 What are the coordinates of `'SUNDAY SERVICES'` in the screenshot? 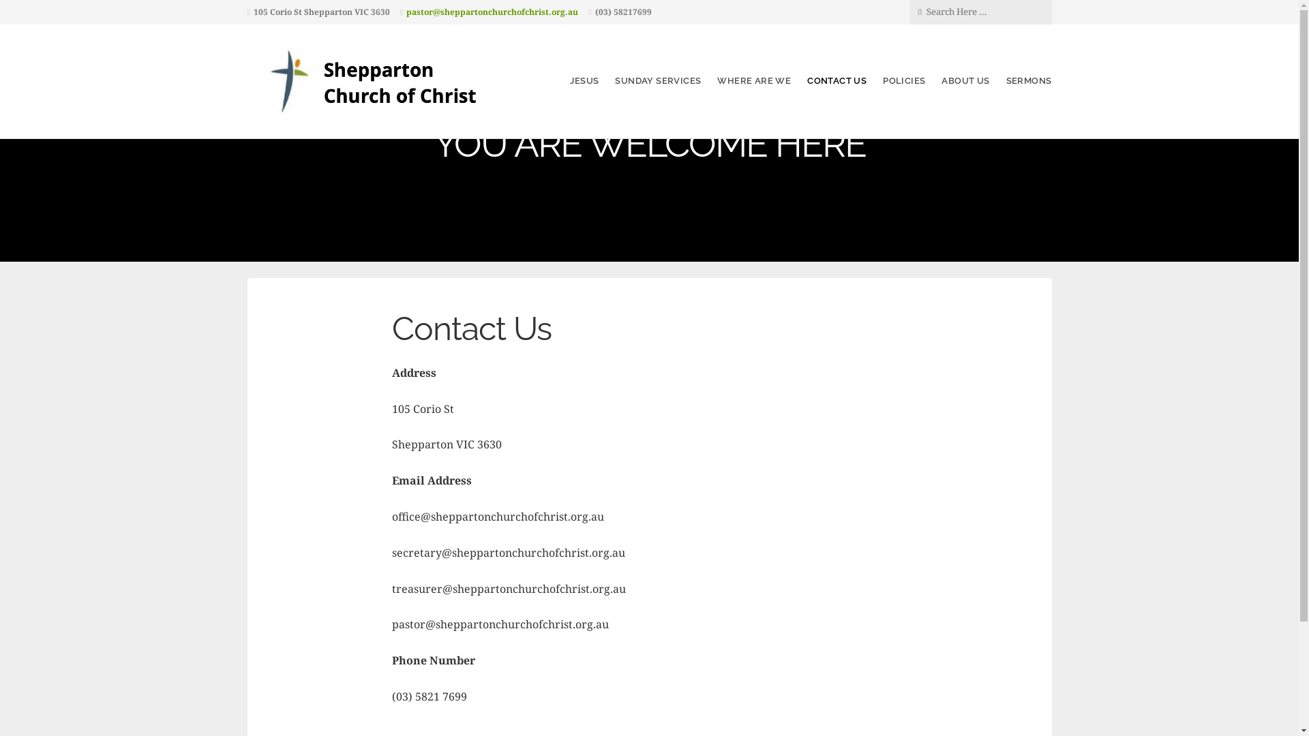 It's located at (614, 80).